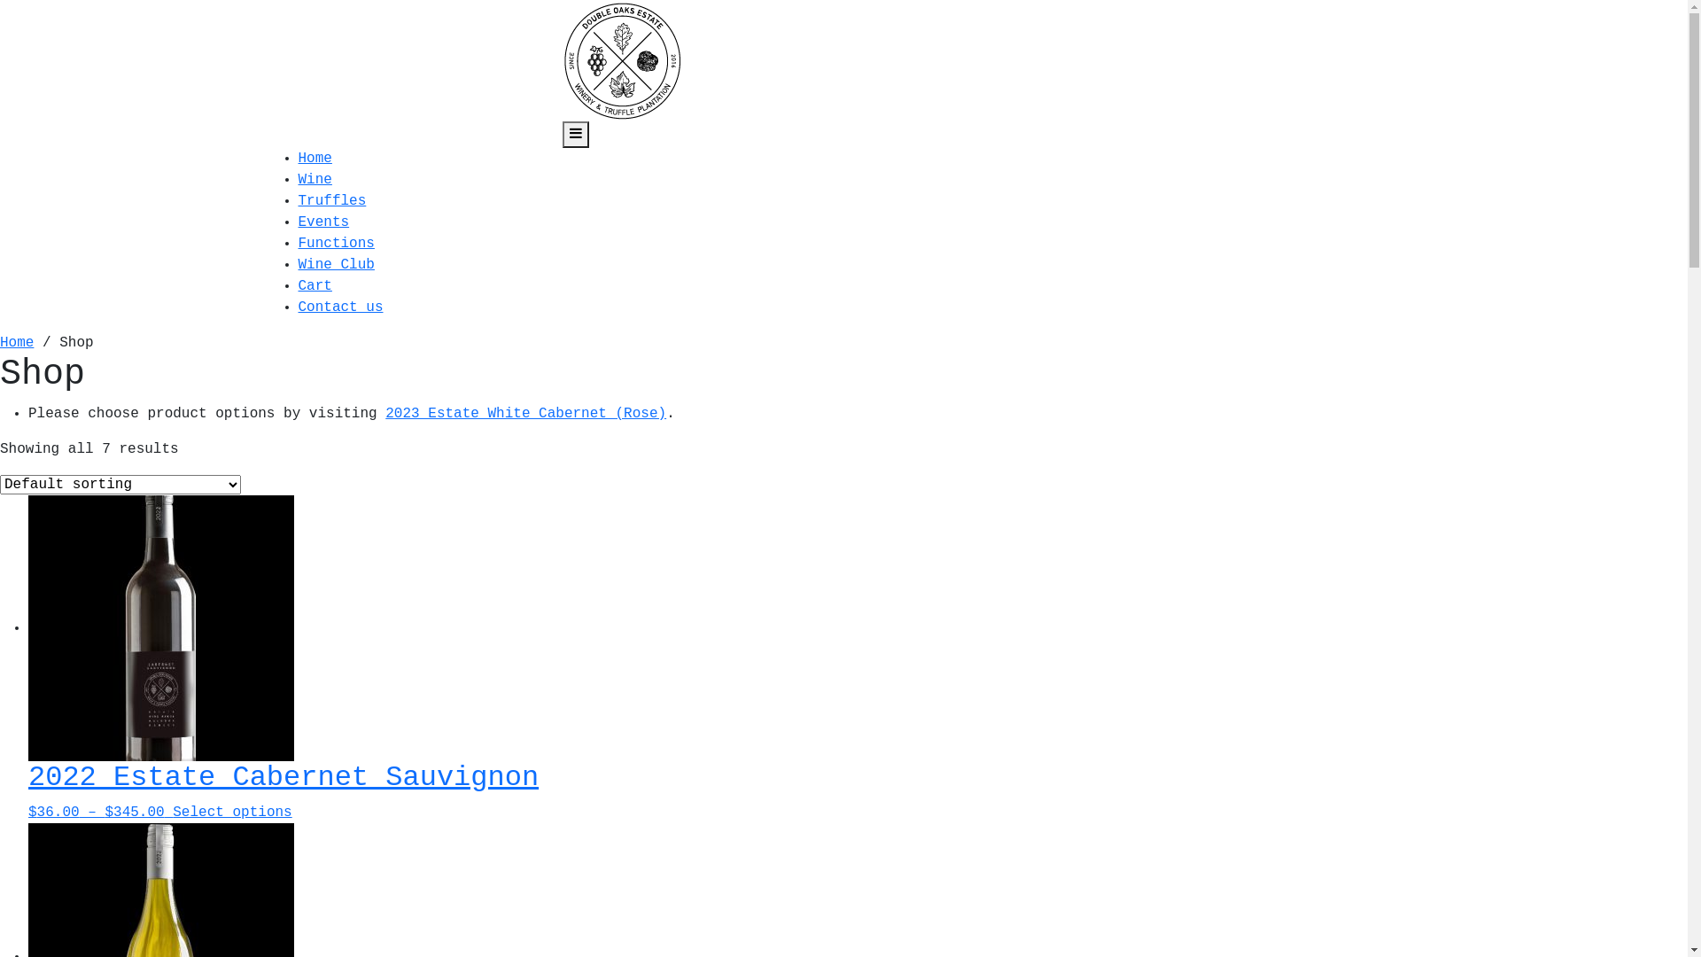 This screenshot has height=957, width=1701. I want to click on 'Home', so click(298, 157).